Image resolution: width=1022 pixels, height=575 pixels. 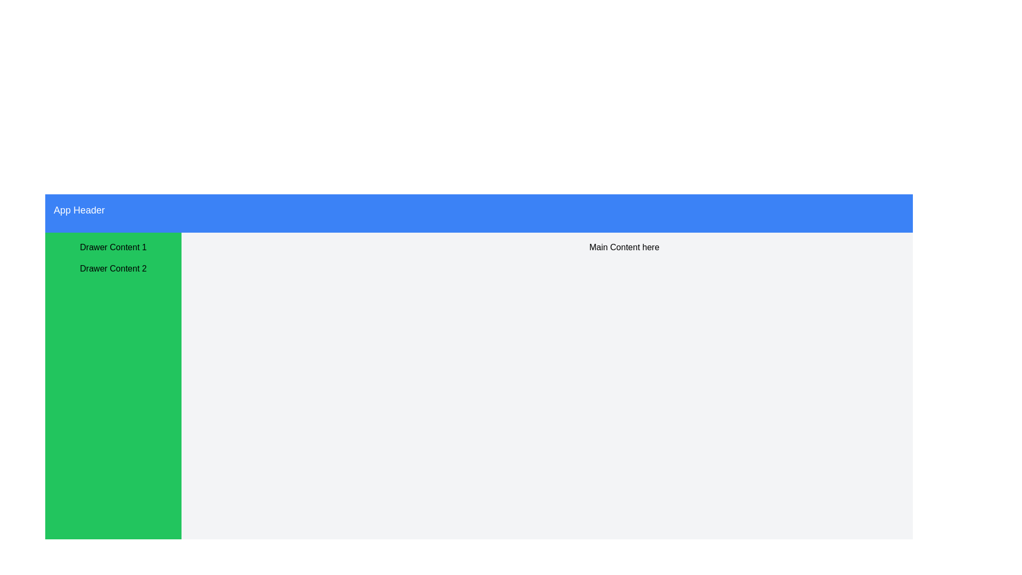 What do you see at coordinates (113, 268) in the screenshot?
I see `the label displaying 'Drawer Content 2' in bold black text over a green background` at bounding box center [113, 268].